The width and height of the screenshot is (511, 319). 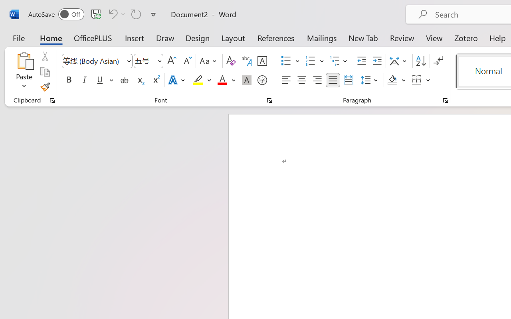 What do you see at coordinates (262, 61) in the screenshot?
I see `'Character Border'` at bounding box center [262, 61].